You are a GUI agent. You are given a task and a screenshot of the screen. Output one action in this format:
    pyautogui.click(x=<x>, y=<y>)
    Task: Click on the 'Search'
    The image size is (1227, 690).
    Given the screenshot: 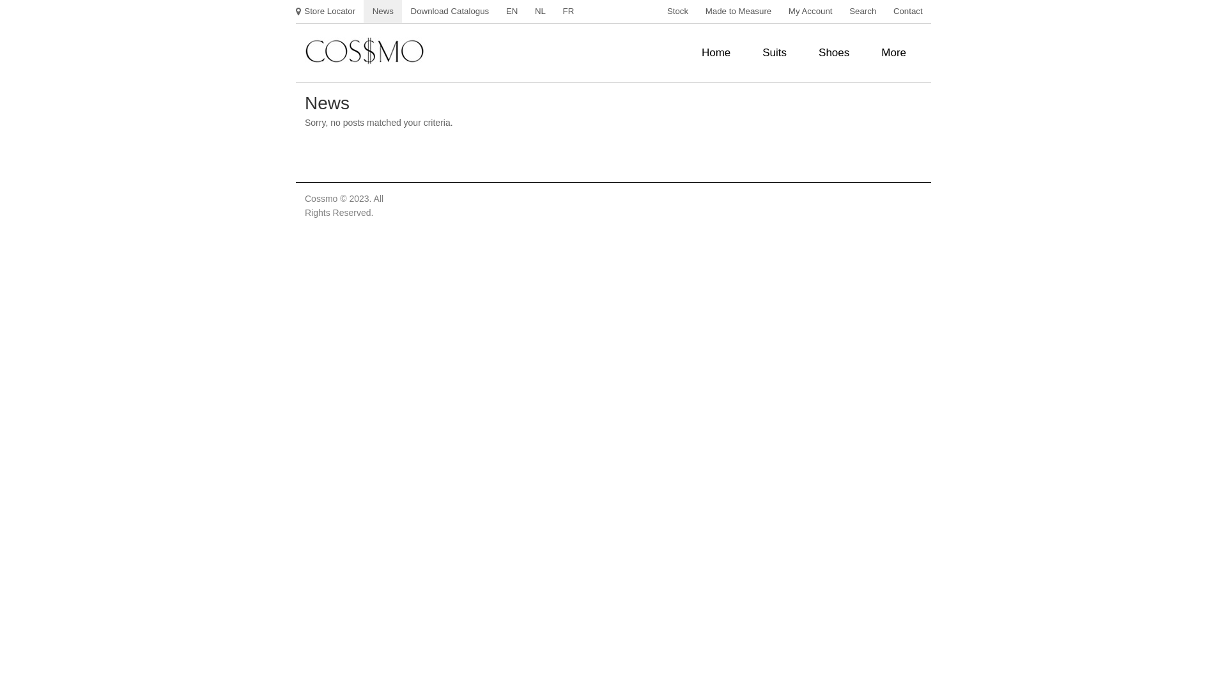 What is the action you would take?
    pyautogui.click(x=863, y=11)
    